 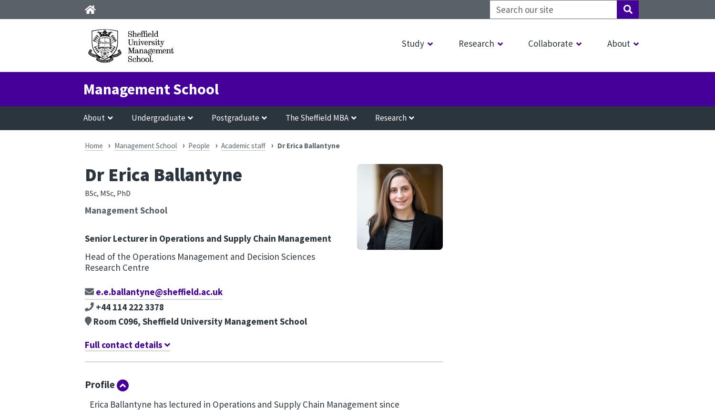 I want to click on 'Head of the Operations Management and Decision Sciences Research Centre', so click(x=199, y=261).